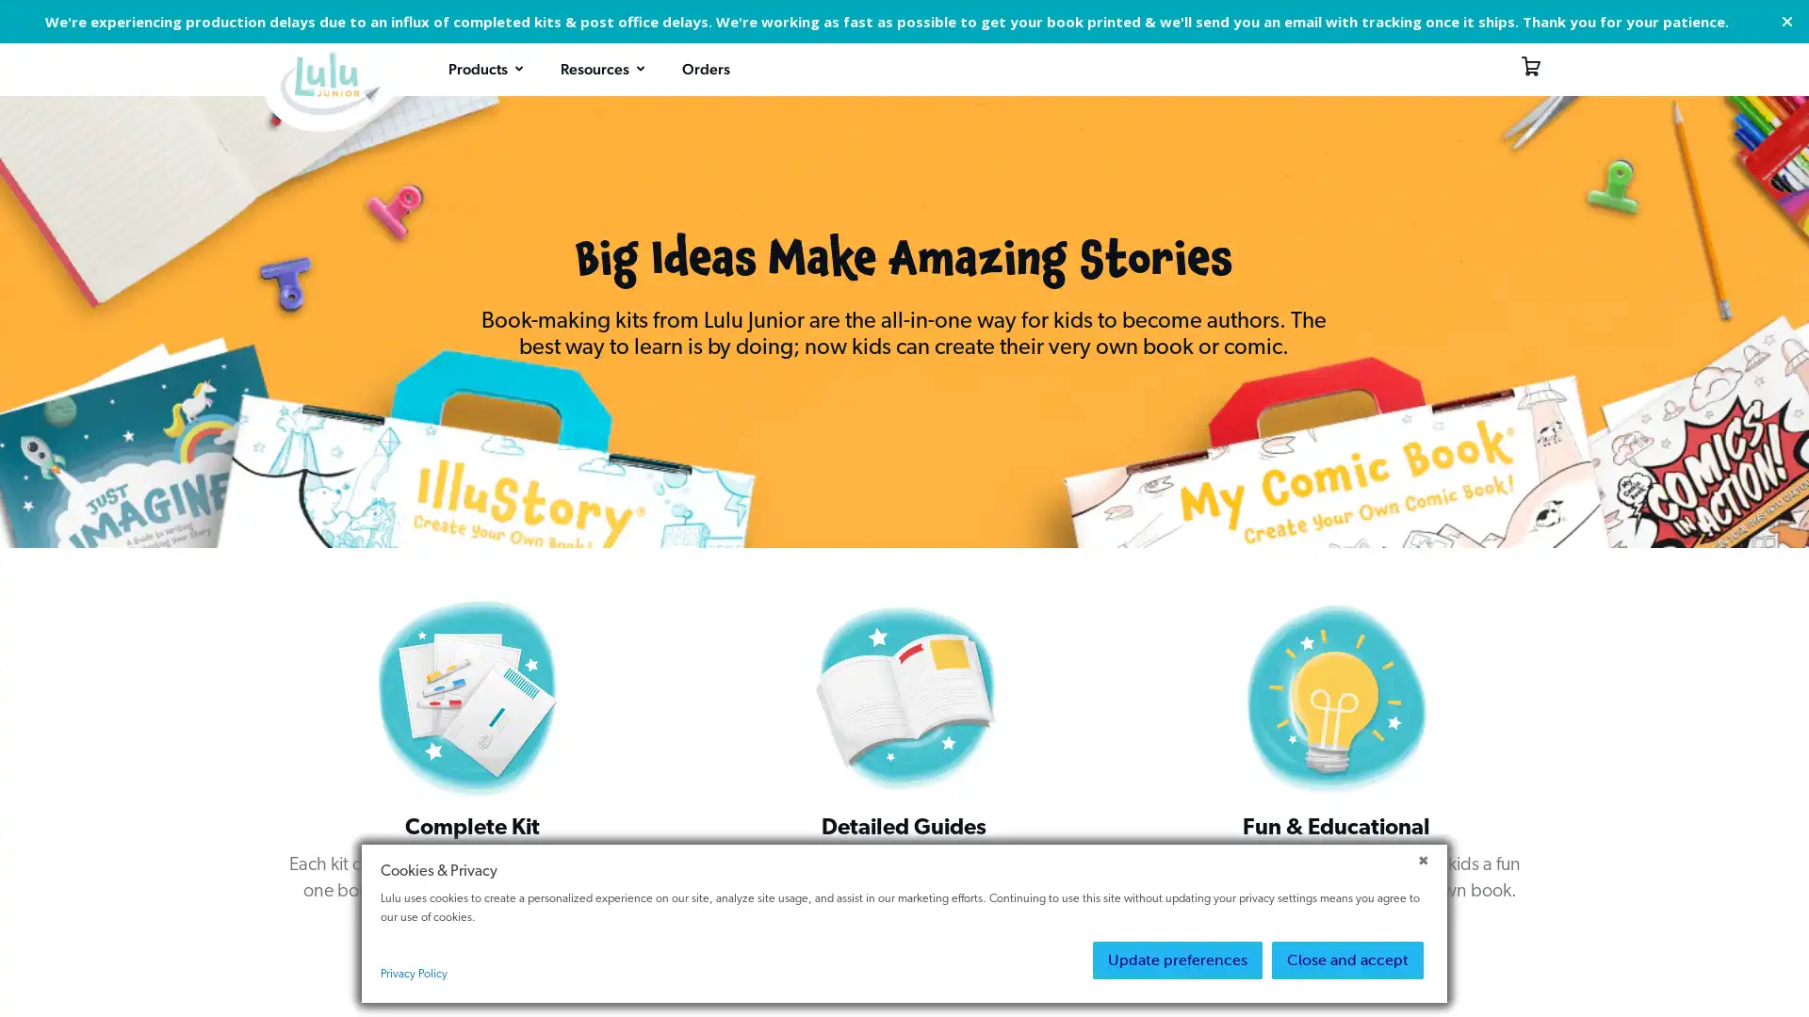  Describe the element at coordinates (1785, 22) in the screenshot. I see `Close` at that location.